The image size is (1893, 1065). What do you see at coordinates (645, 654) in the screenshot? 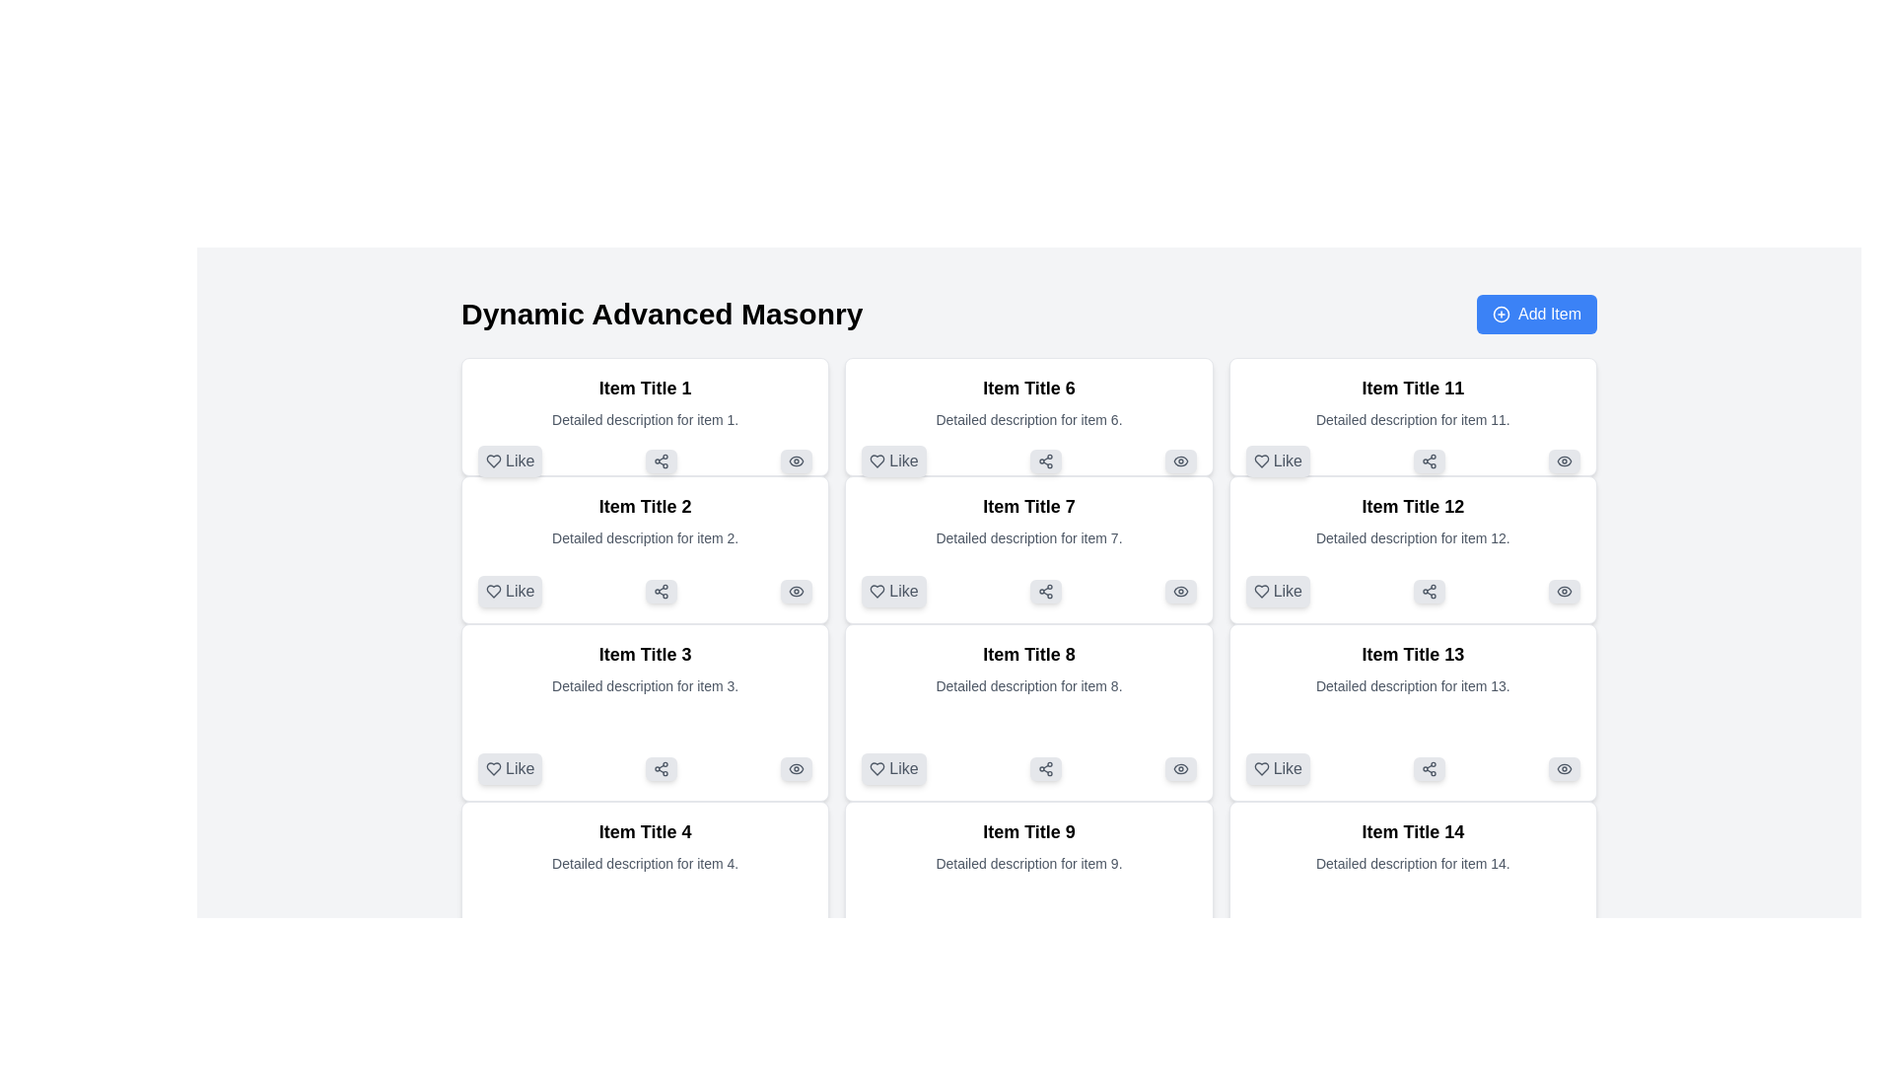
I see `the Label element that serves as a title for the content within the third card of the first column in a grid layout, located above the detailed description` at bounding box center [645, 654].